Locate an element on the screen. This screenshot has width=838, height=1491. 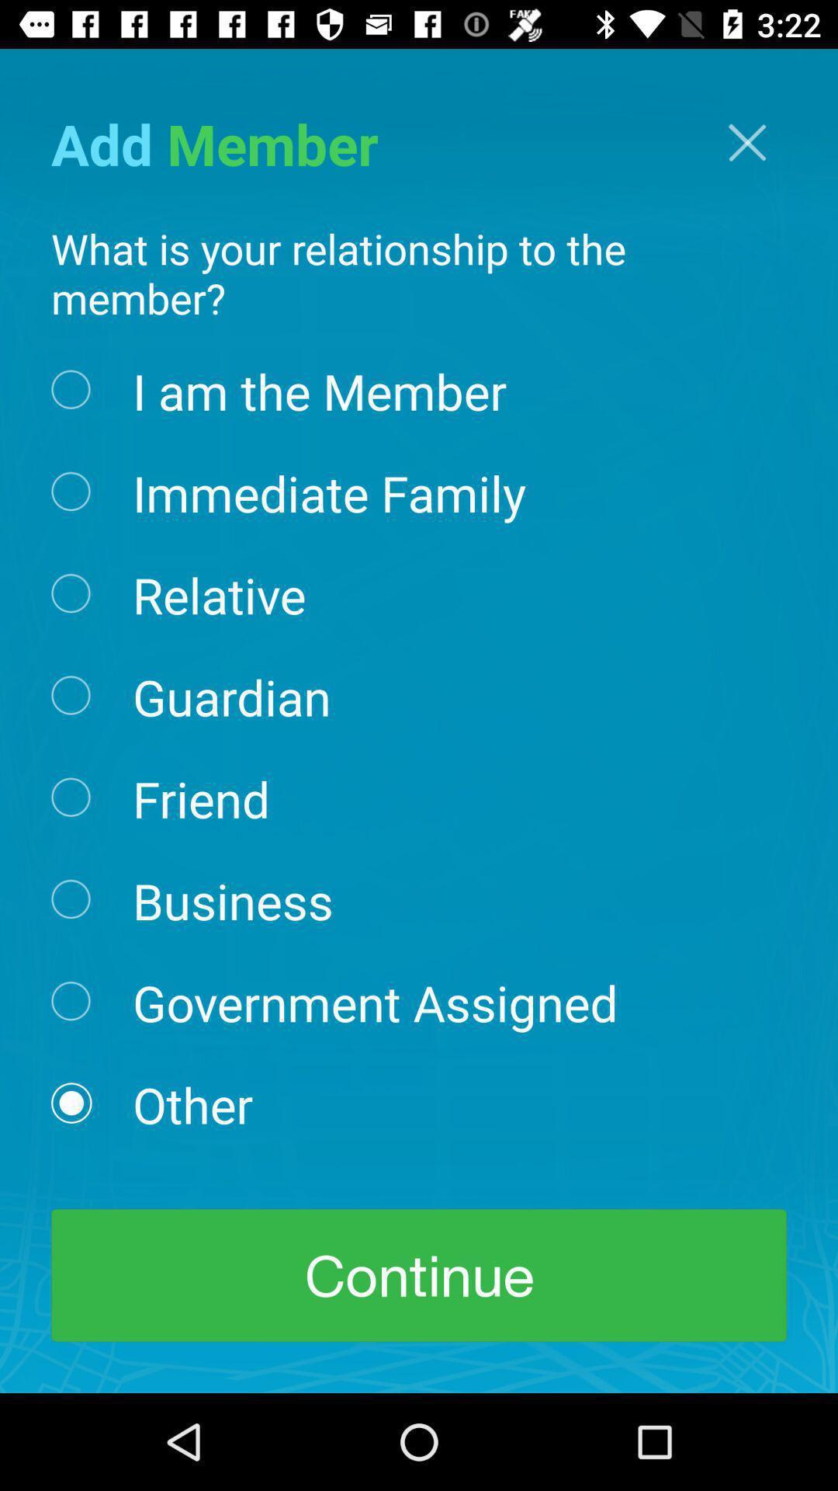
icon above immediate family icon is located at coordinates (319, 390).